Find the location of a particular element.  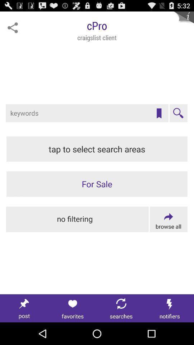

search for item on craigslist is located at coordinates (87, 113).